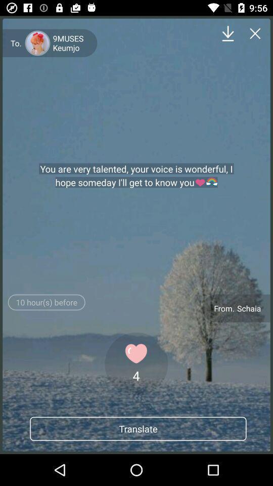 The height and width of the screenshot is (486, 273). Describe the element at coordinates (136, 176) in the screenshot. I see `the item above the 10 hour s icon` at that location.